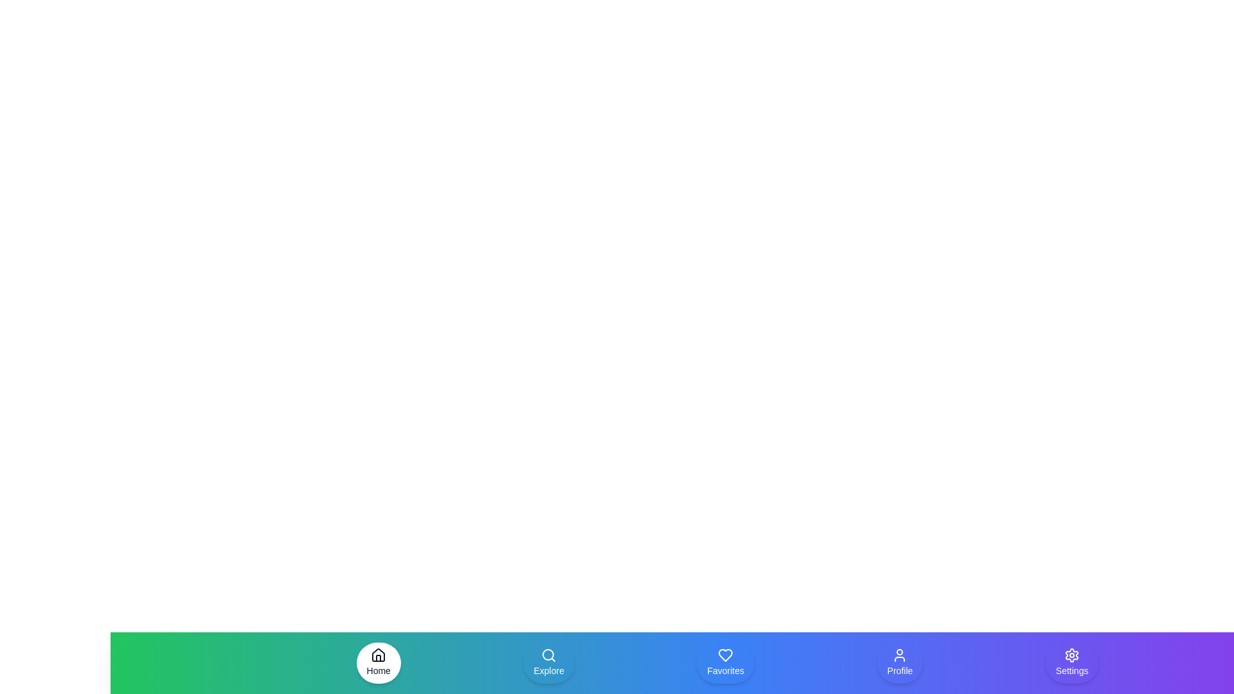 This screenshot has width=1234, height=694. I want to click on the button labeled Explore to observe its visual state change, so click(549, 663).